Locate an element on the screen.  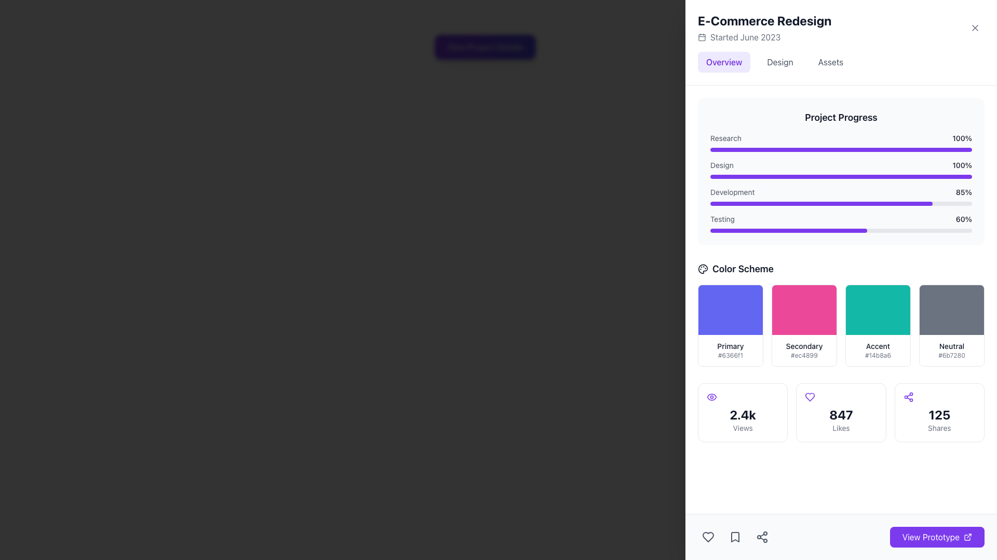
textual information displayed in the informational block labeled 'Accent' with the color code '#14b8a6', located in the 'Color Scheme' section near the bottom-right of the interface is located at coordinates (877, 350).